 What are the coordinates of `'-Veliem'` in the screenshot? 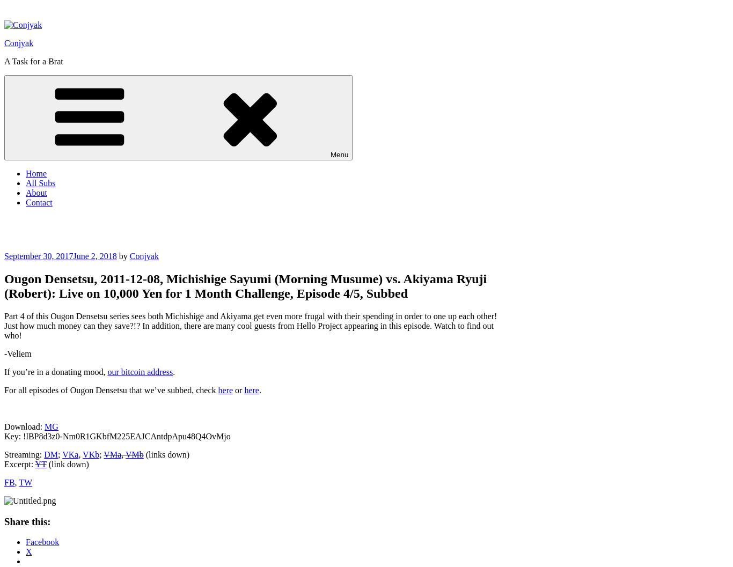 It's located at (18, 353).